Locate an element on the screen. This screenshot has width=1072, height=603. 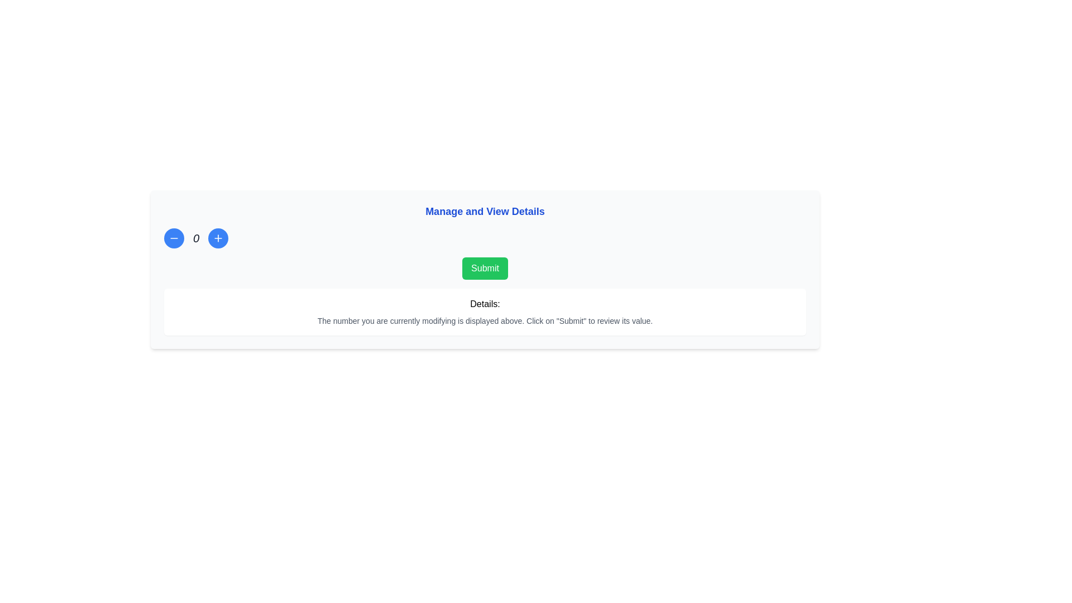
the text display element showing the number '0', which is styled in an italicized font, large size, and dark gray color, located centrally within a horizontal arrangement of buttons is located at coordinates (196, 238).